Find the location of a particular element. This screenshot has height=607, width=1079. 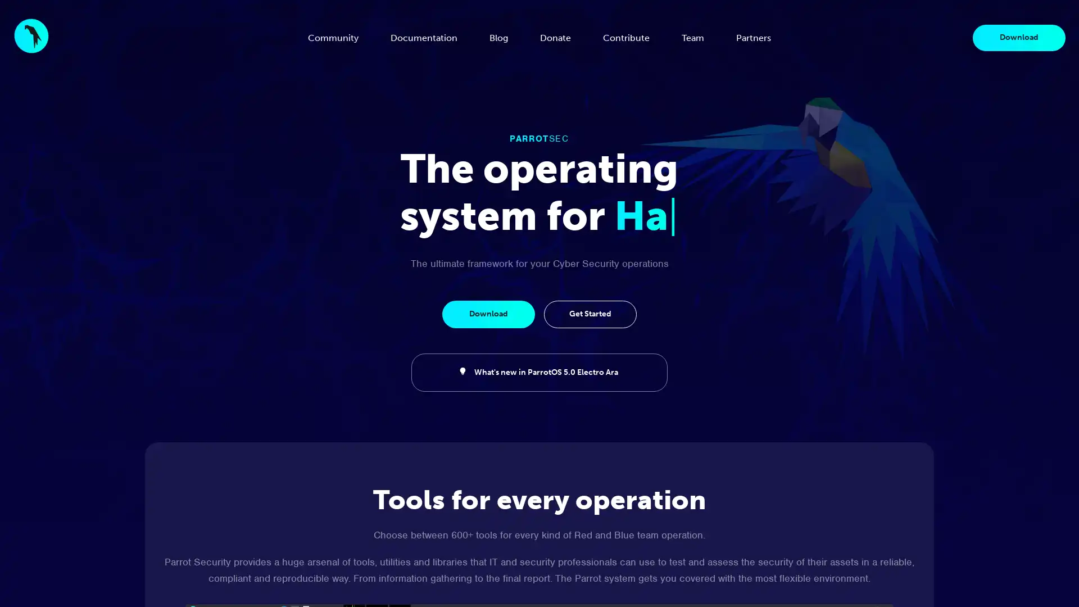

What's new in ParrotOS 5.0 Electro Ara is located at coordinates (539, 372).